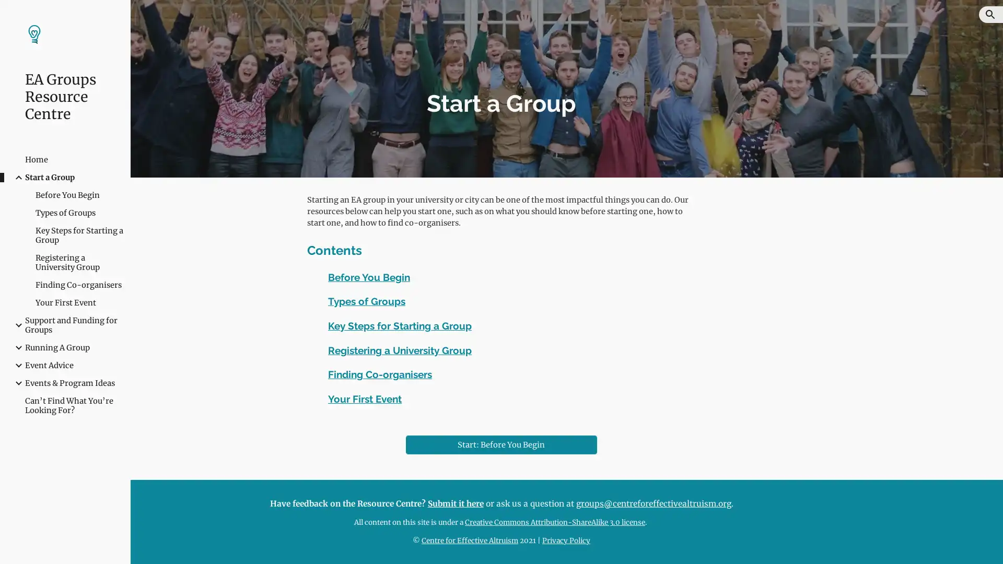 The height and width of the screenshot is (564, 1003). I want to click on Copy heading link, so click(478, 398).